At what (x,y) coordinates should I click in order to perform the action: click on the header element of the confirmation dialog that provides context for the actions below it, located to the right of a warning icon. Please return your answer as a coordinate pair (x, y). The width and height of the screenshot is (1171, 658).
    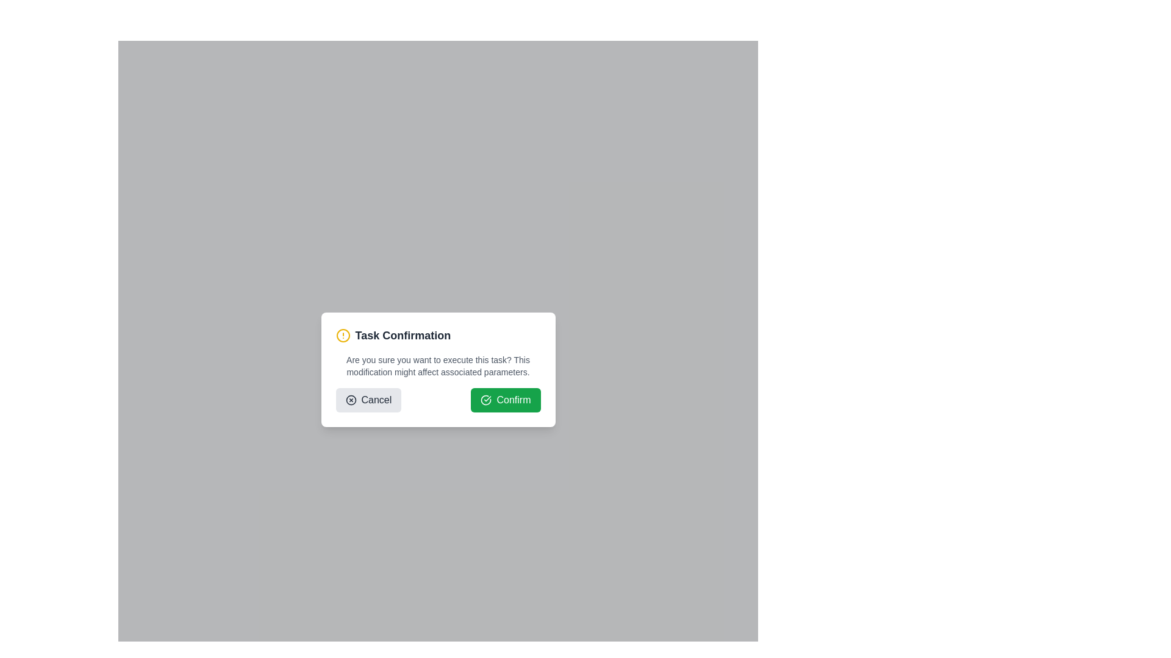
    Looking at the image, I should click on (403, 336).